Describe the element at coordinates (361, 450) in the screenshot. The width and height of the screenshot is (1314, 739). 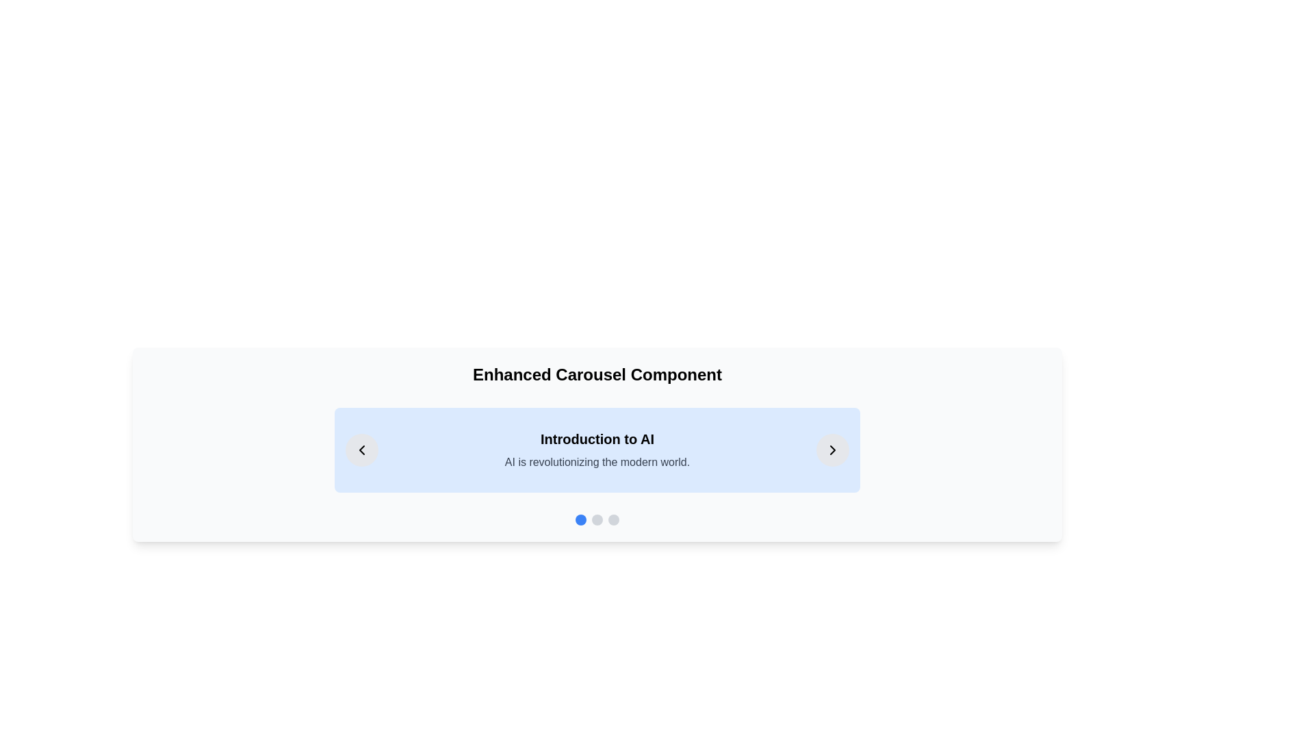
I see `the navigation button on the left side of the carousel labeled 'Introduction to AI'` at that location.